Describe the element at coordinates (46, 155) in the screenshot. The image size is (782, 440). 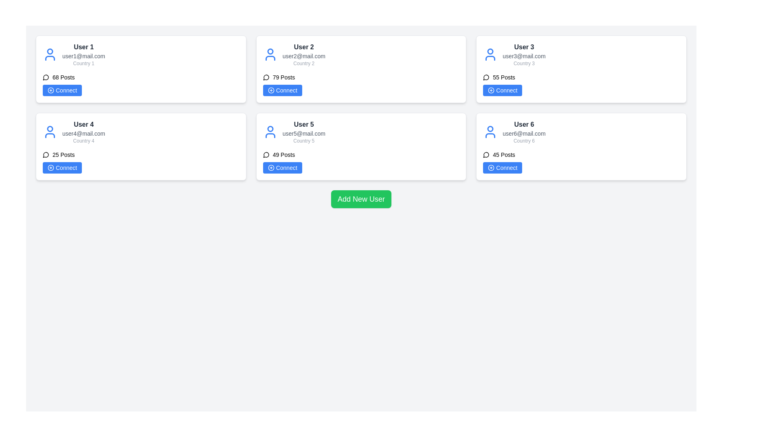
I see `the gray circular chat bubble icon located to the immediate left of the '25 Posts' text block, which is part of the group associated with 'User 4' in the bottom-left card of the user card grid` at that location.